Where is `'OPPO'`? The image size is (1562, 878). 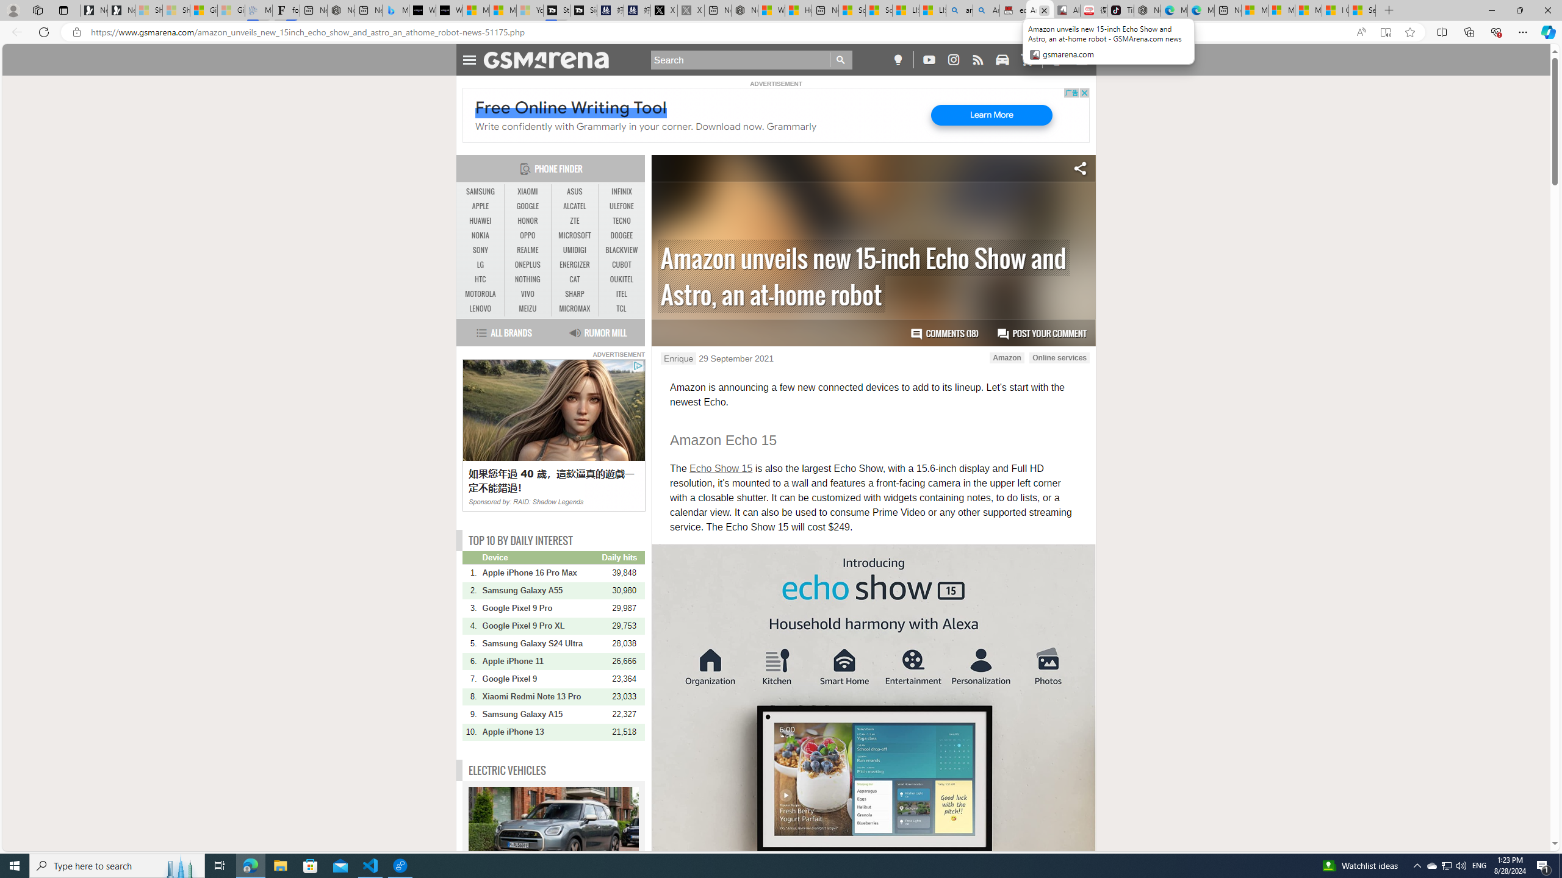
'OPPO' is located at coordinates (527, 235).